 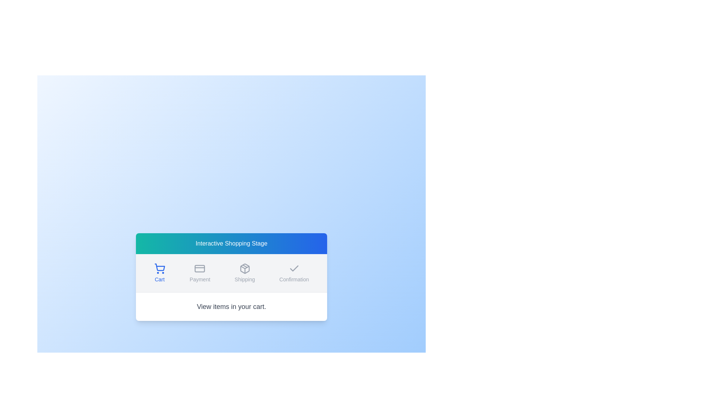 What do you see at coordinates (159, 279) in the screenshot?
I see `the 'Cart' text label, which is styled in a small-sized blue font and located below a blue shopping cart icon in a horizontal row of options` at bounding box center [159, 279].